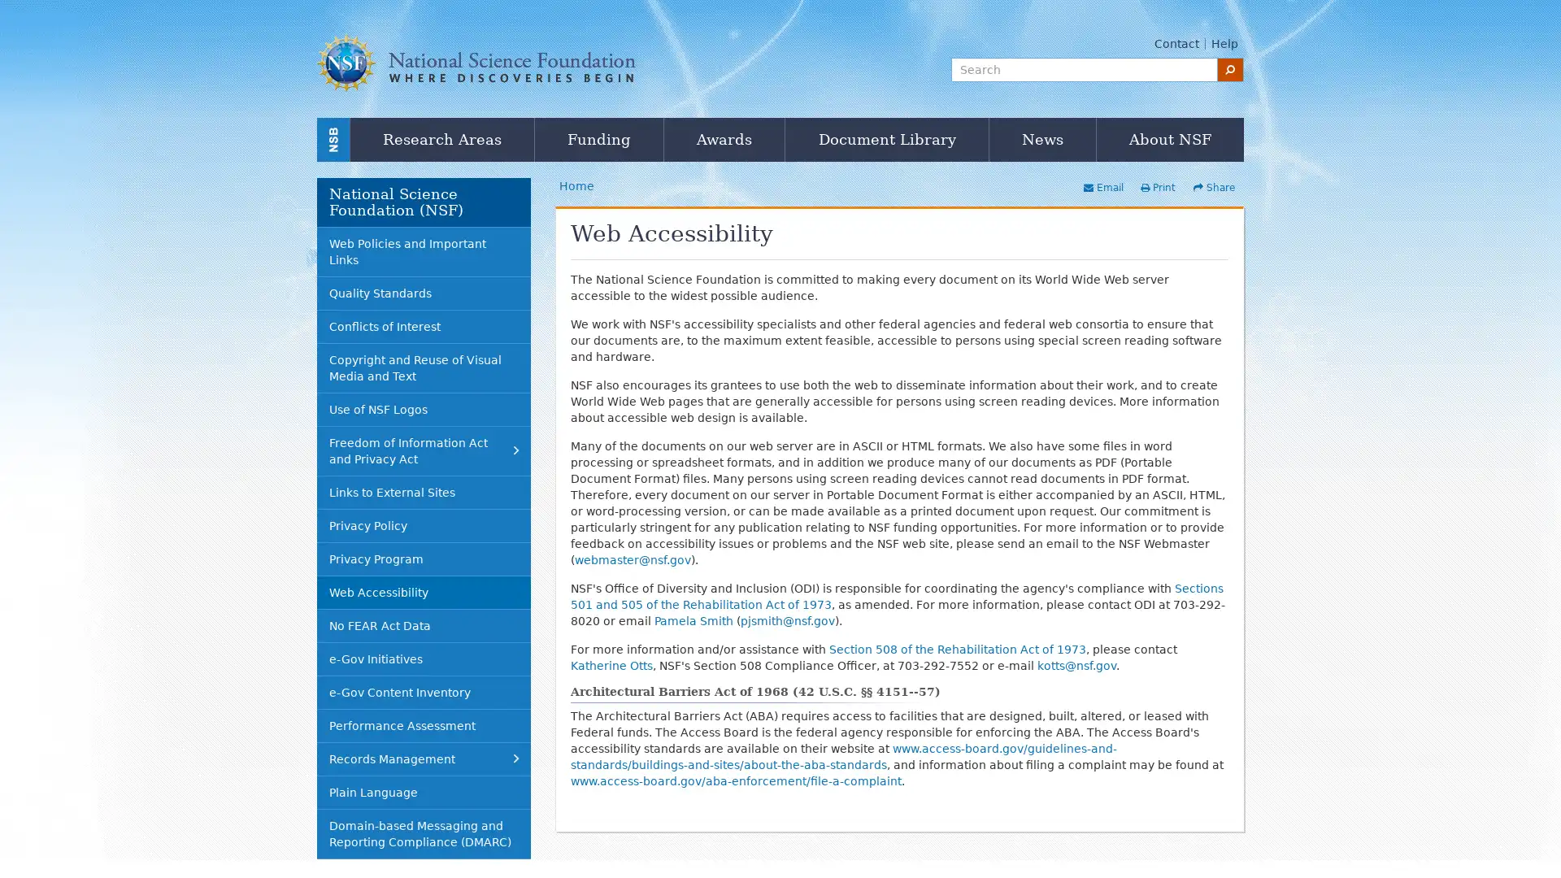 This screenshot has height=878, width=1561. Describe the element at coordinates (1213, 187) in the screenshot. I see `Share this page` at that location.